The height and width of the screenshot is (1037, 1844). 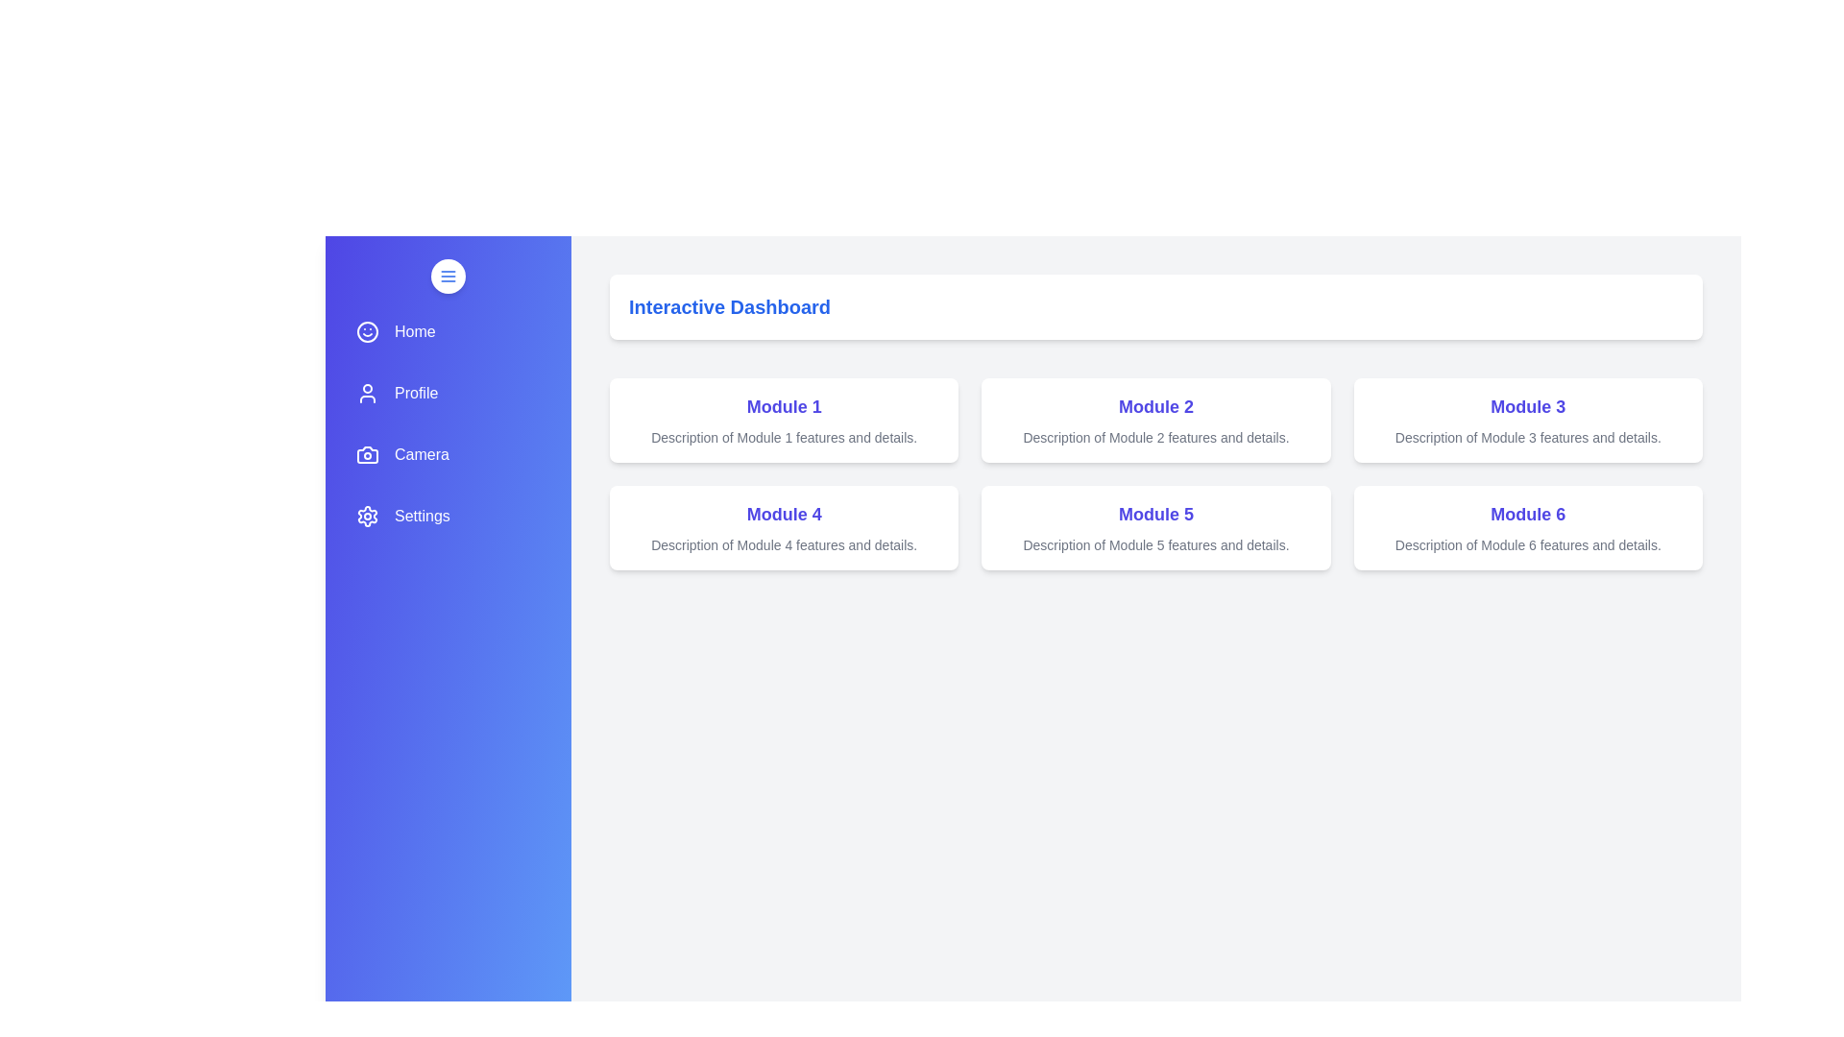 What do you see at coordinates (414, 331) in the screenshot?
I see `the 'Home' text label, which is a white label on a blue sidebar` at bounding box center [414, 331].